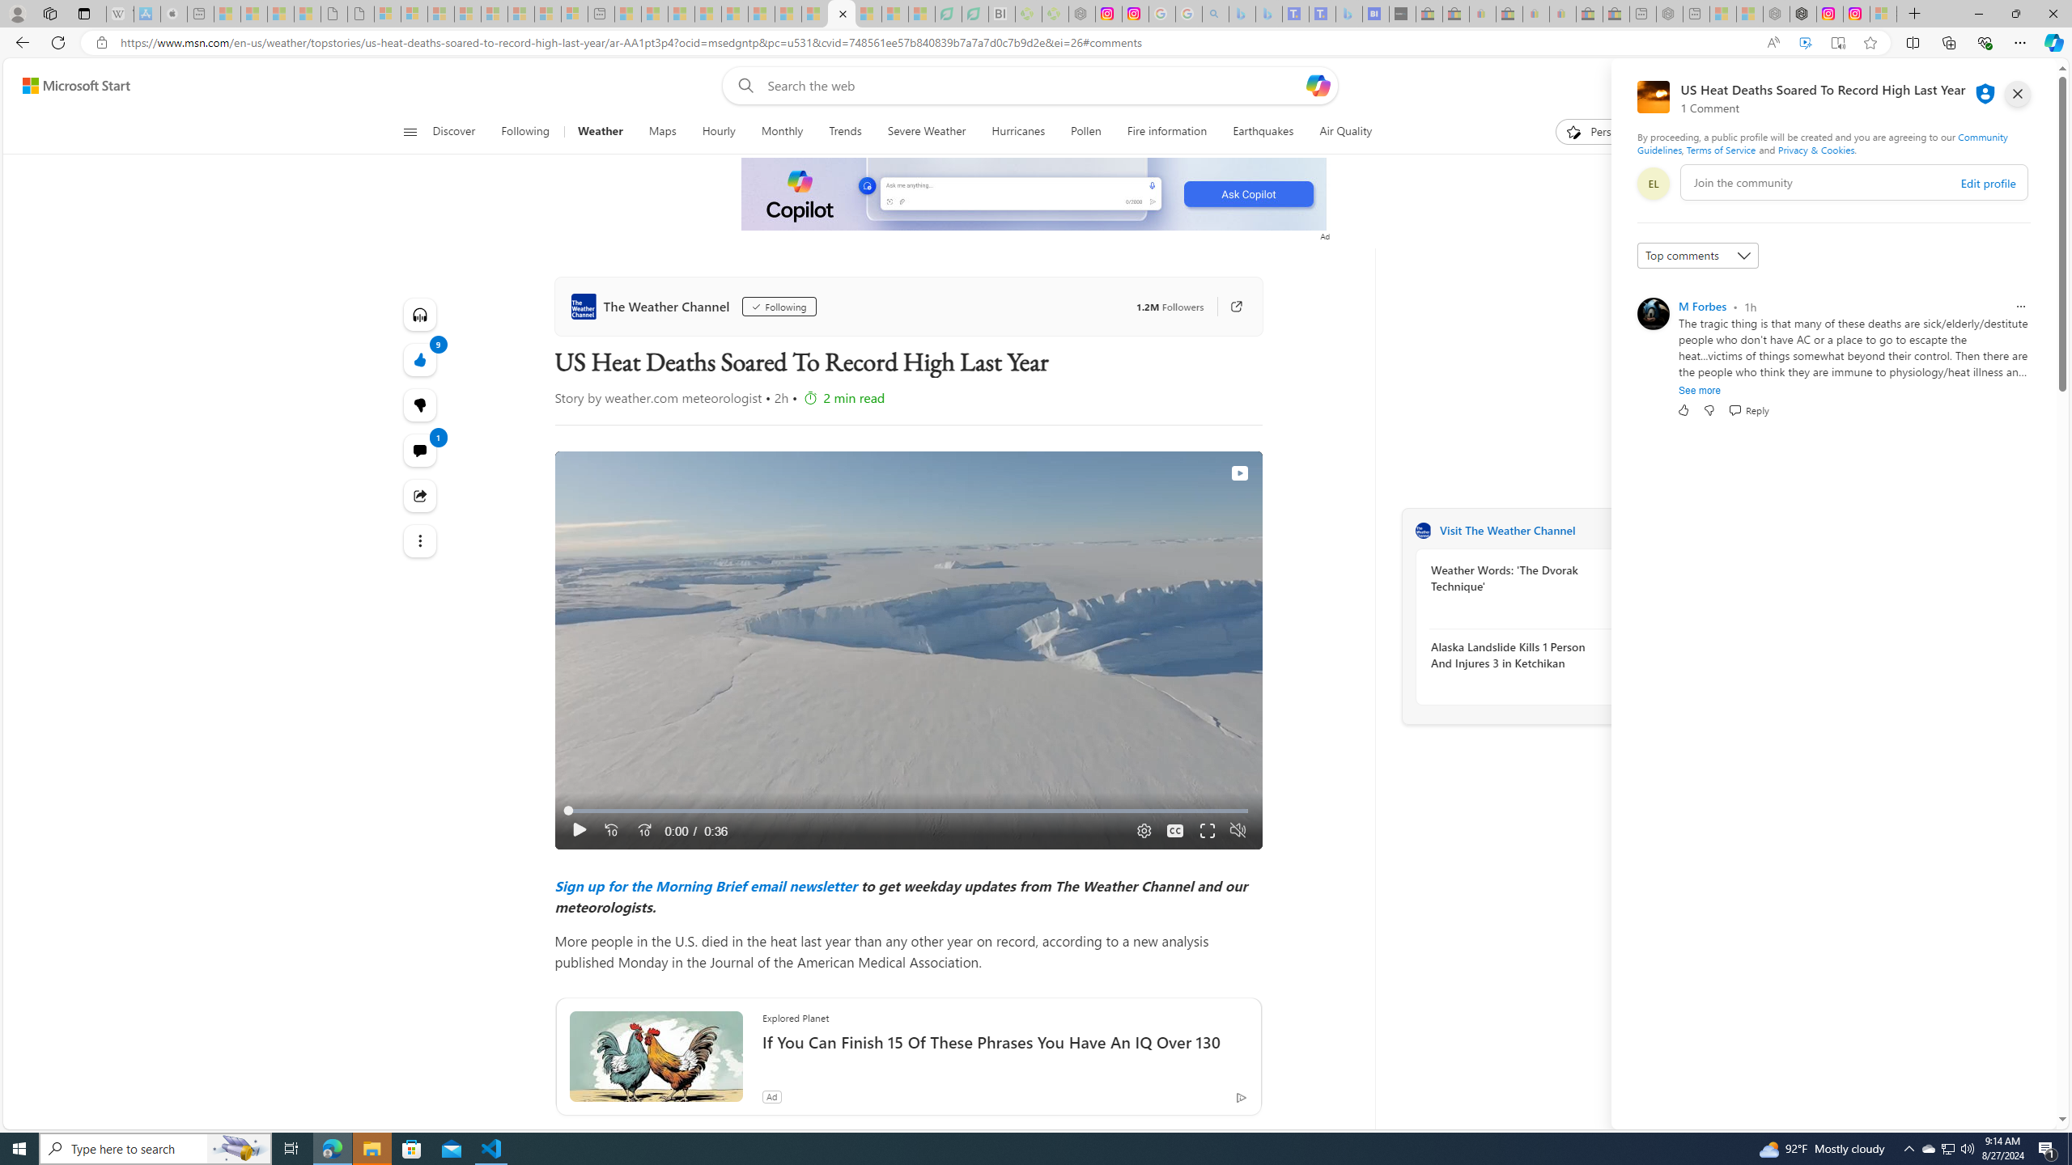 This screenshot has width=2072, height=1165. Describe the element at coordinates (1238, 472) in the screenshot. I see `'View on Watch'` at that location.